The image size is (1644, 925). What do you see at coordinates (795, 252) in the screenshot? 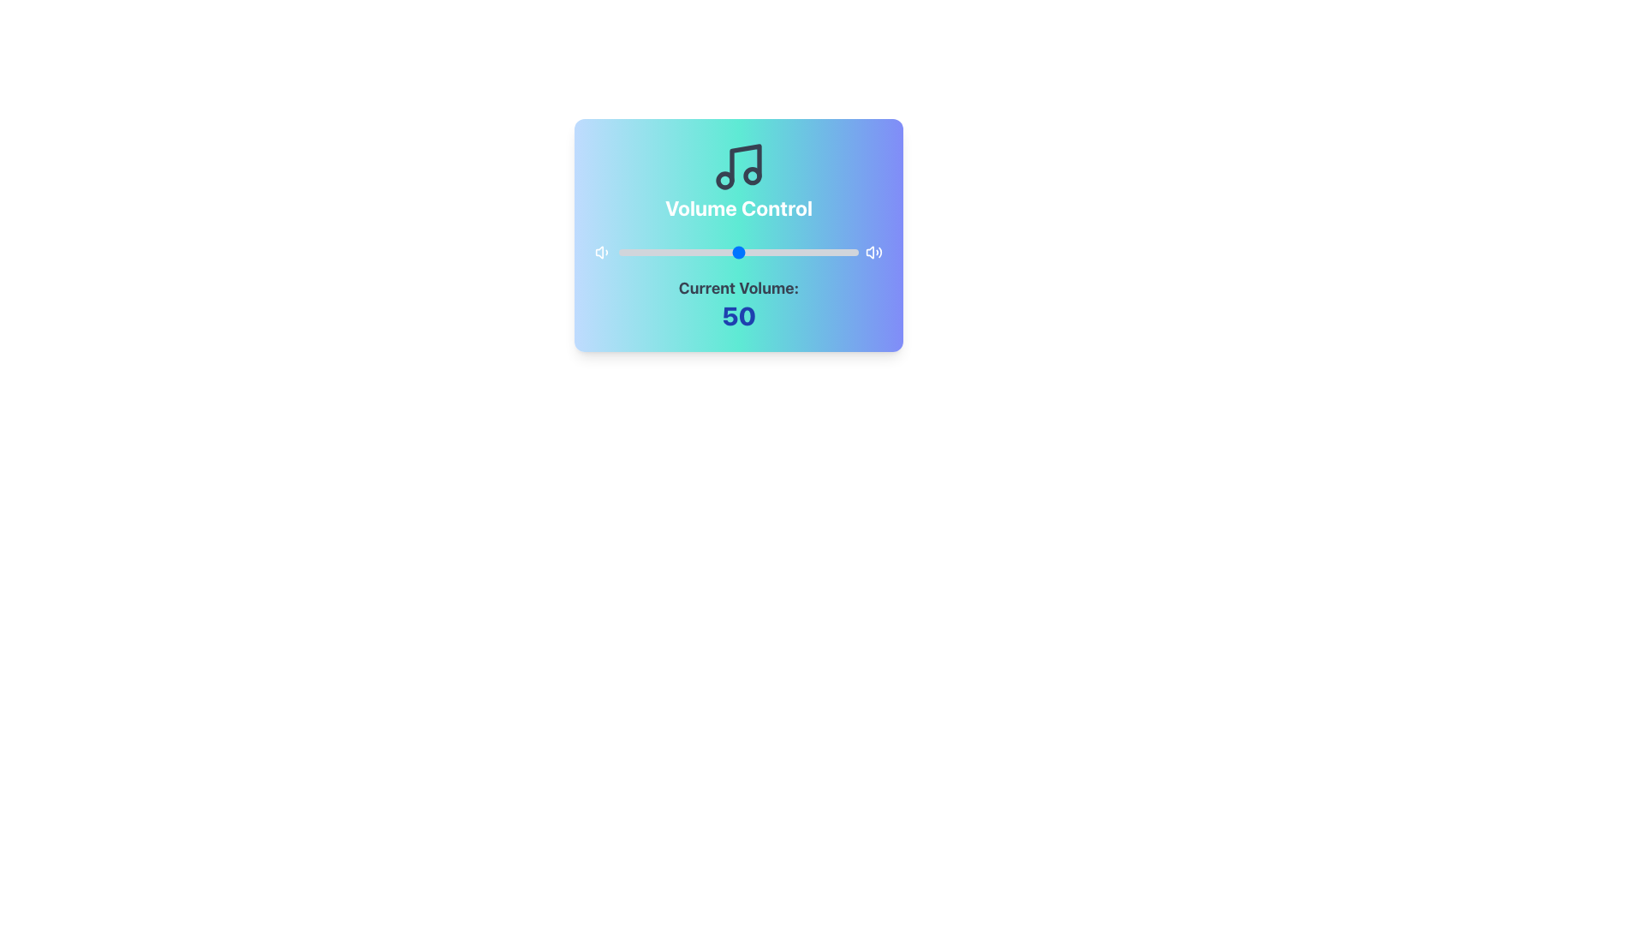
I see `the slider` at bounding box center [795, 252].